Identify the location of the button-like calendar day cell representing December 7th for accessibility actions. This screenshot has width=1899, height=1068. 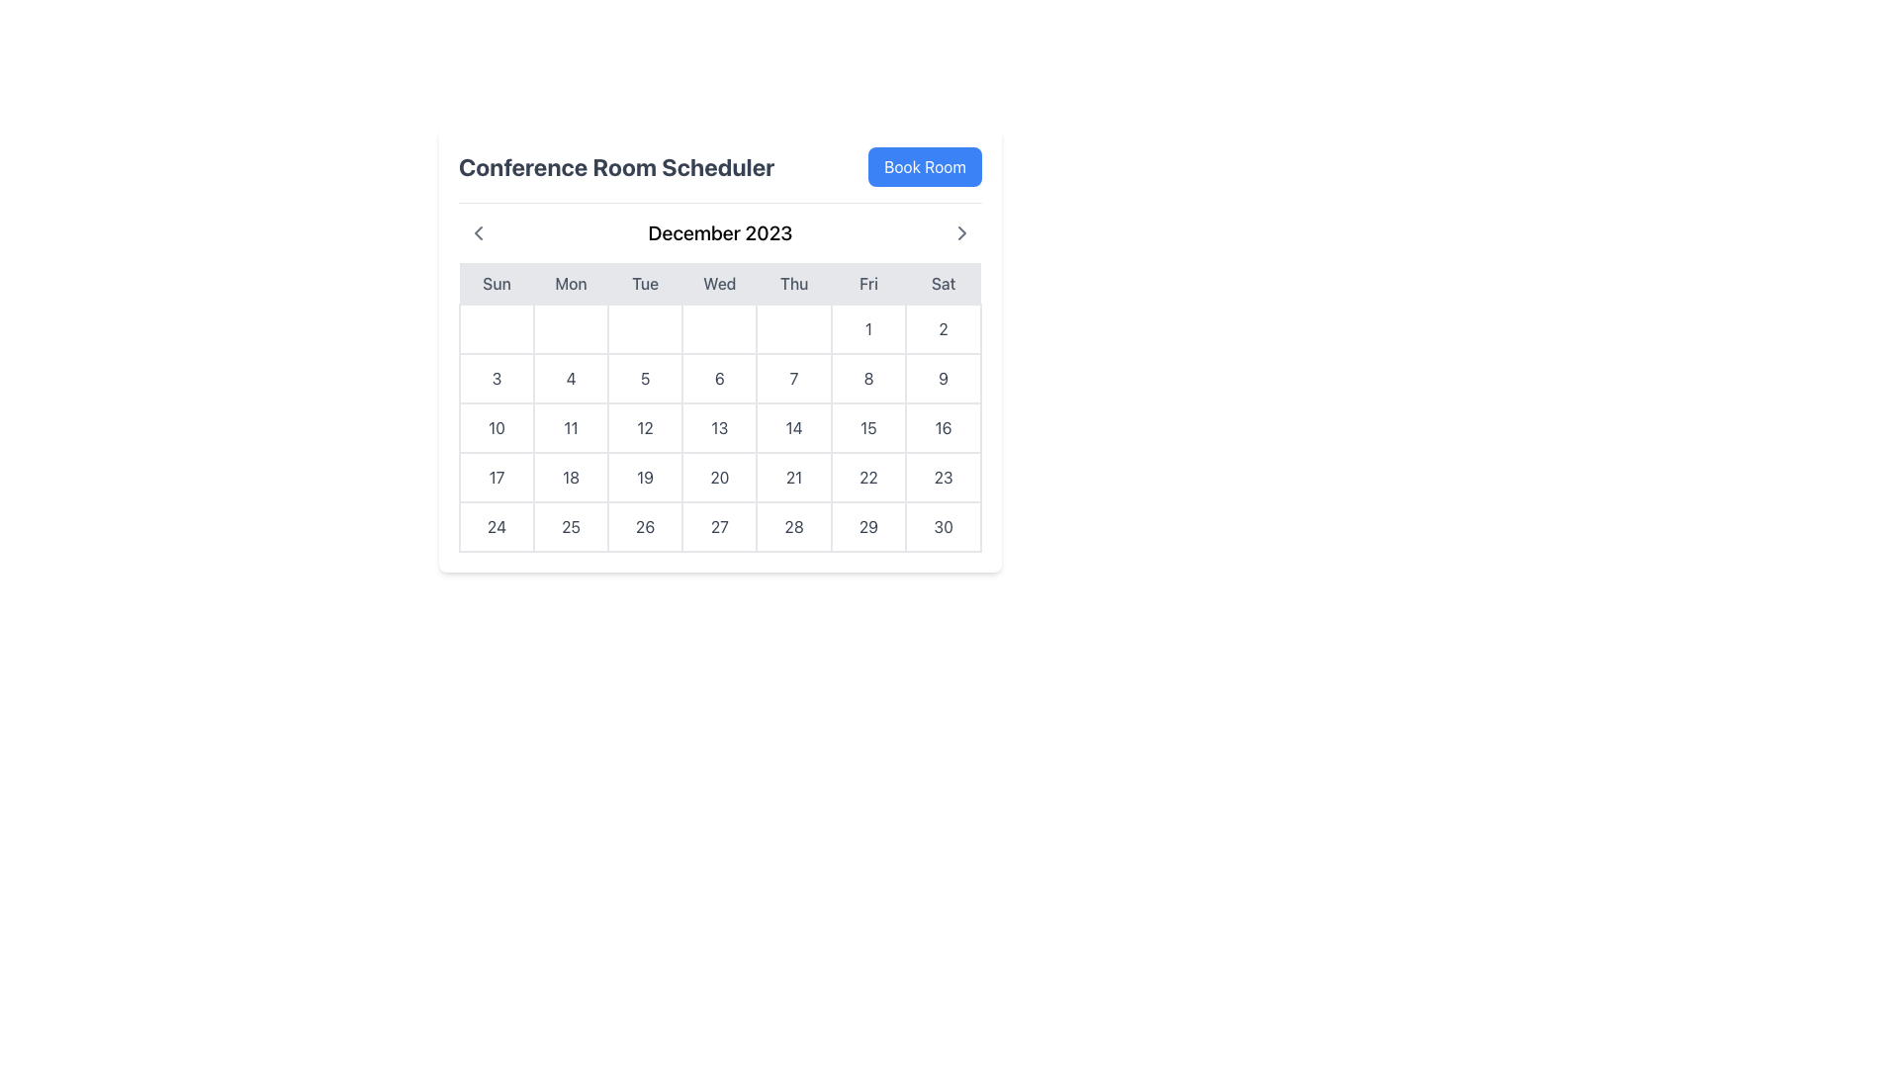
(794, 378).